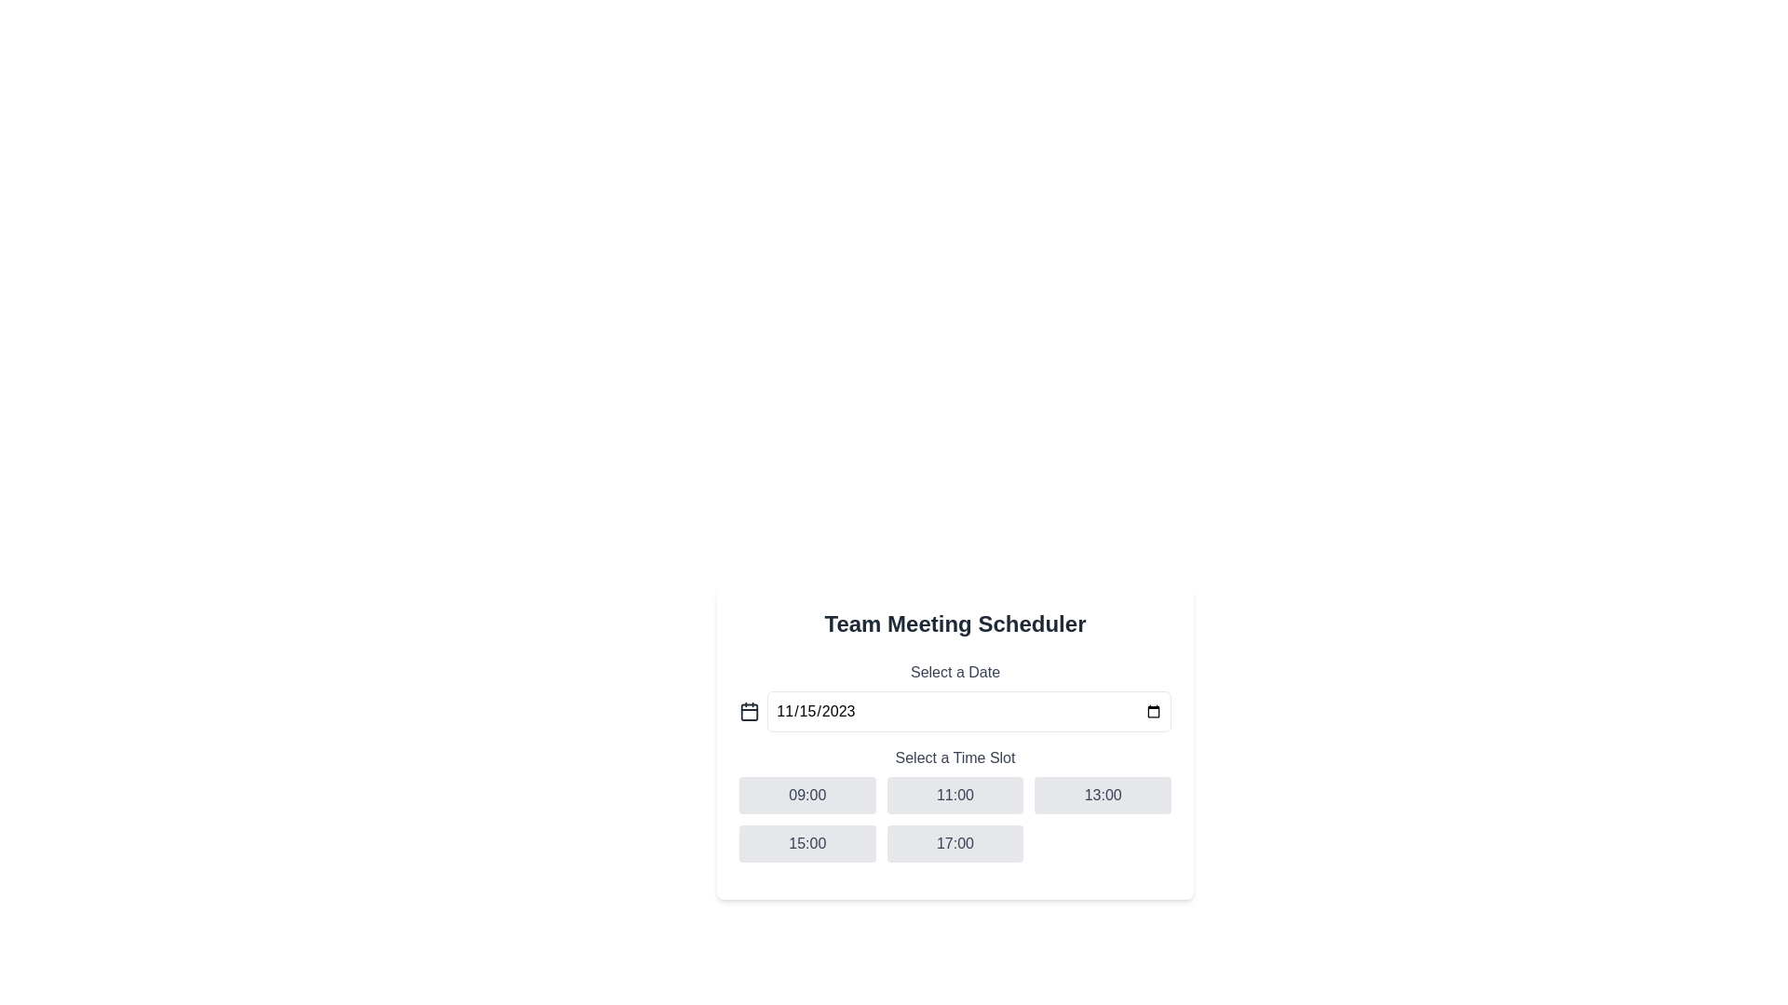 This screenshot has height=1005, width=1788. Describe the element at coordinates (955, 796) in the screenshot. I see `the button displaying '11:00'` at that location.